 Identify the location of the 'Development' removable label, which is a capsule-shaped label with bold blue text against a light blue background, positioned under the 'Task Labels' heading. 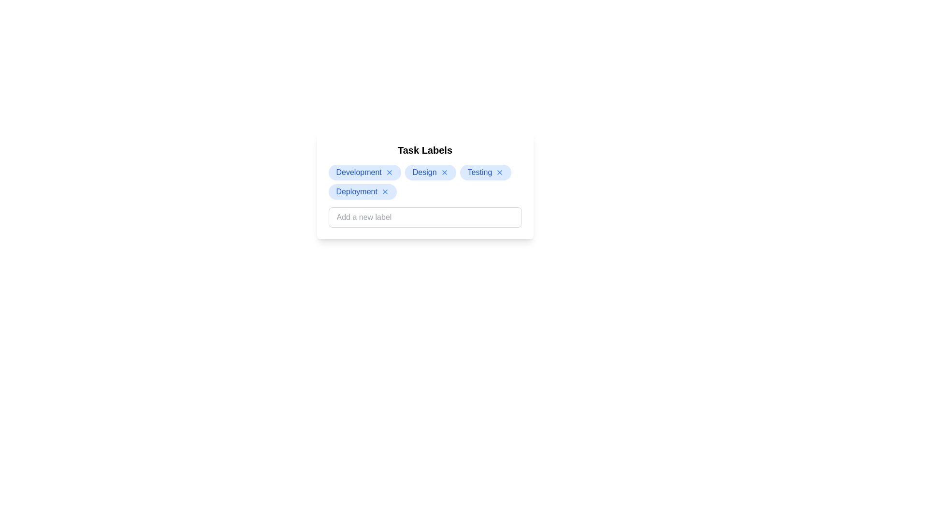
(364, 172).